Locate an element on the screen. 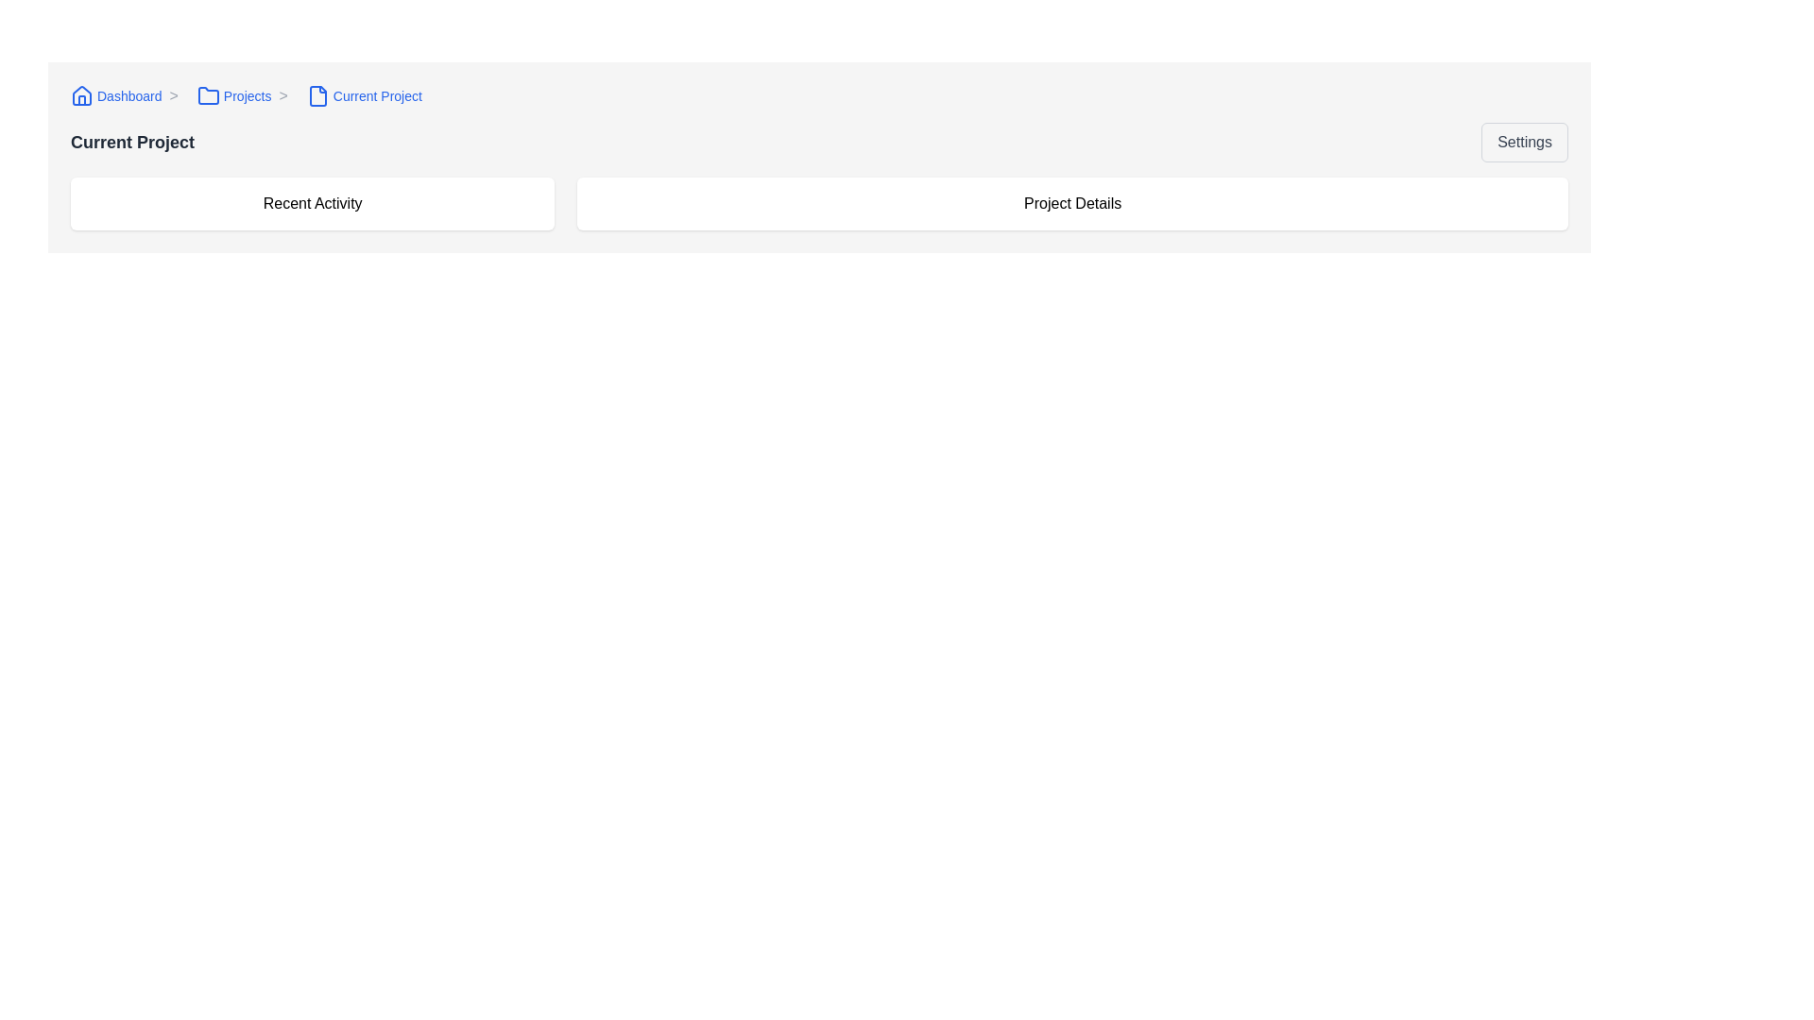 The height and width of the screenshot is (1020, 1814). the breadcrumb navigation link labeled 'Projects' is located at coordinates (247, 95).